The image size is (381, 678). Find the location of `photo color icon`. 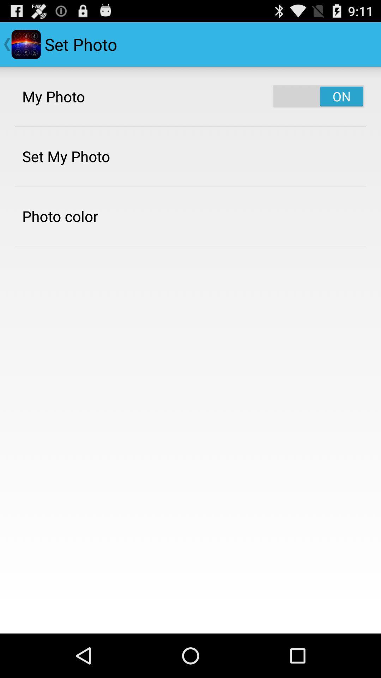

photo color icon is located at coordinates (60, 216).